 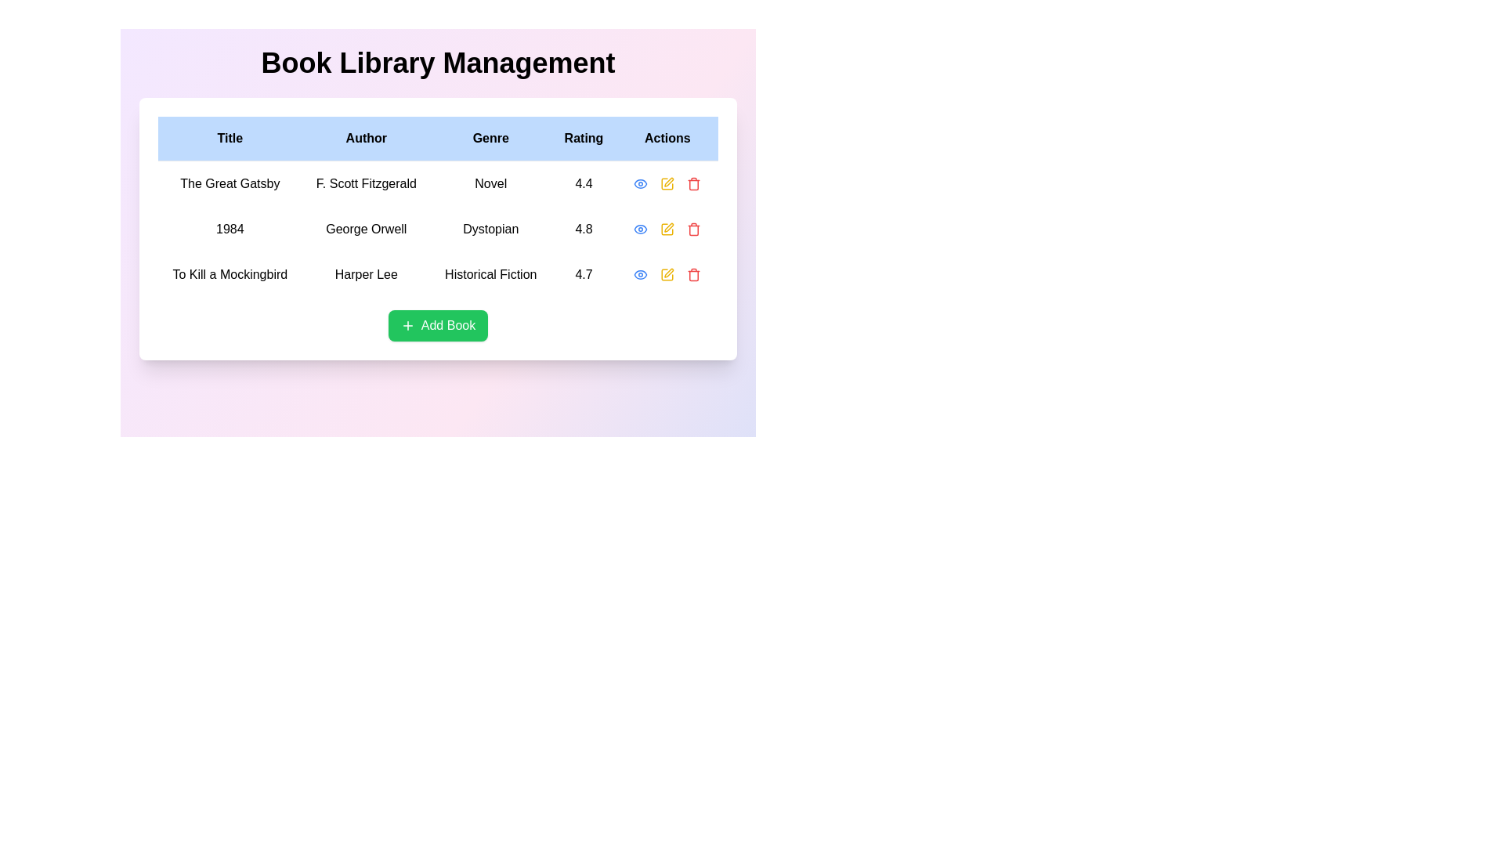 I want to click on the static text label displaying the rating value of the book '1984' in the data grid, located in the 'Rating' column of the second row, so click(x=583, y=230).